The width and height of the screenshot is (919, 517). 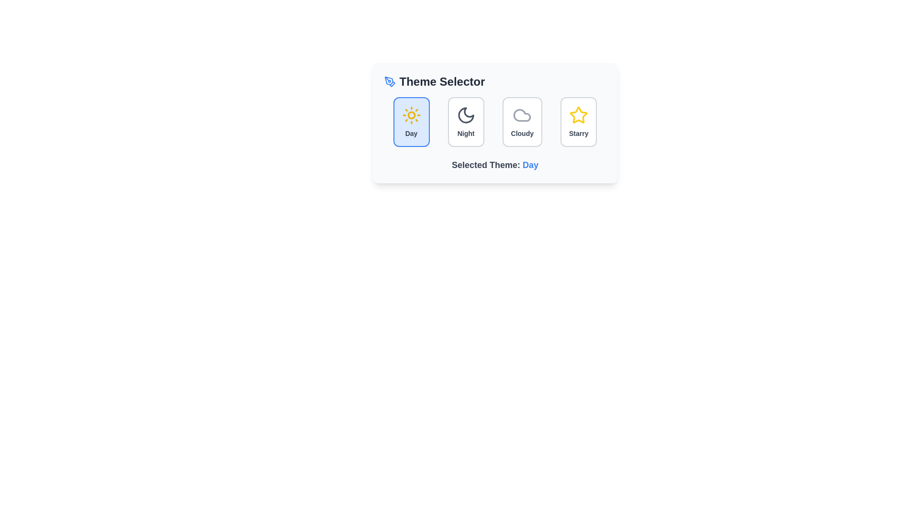 What do you see at coordinates (578, 121) in the screenshot?
I see `the fourth button in the Theme Selector` at bounding box center [578, 121].